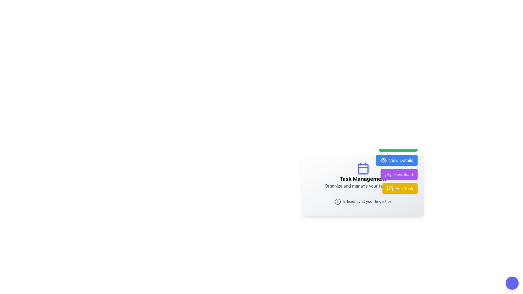 This screenshot has height=294, width=523. What do you see at coordinates (337, 201) in the screenshot?
I see `the SVG Circle Component located in the bottom-right portion of the interface, near buttons labeled 'View Details' and 'Edit Task'` at bounding box center [337, 201].